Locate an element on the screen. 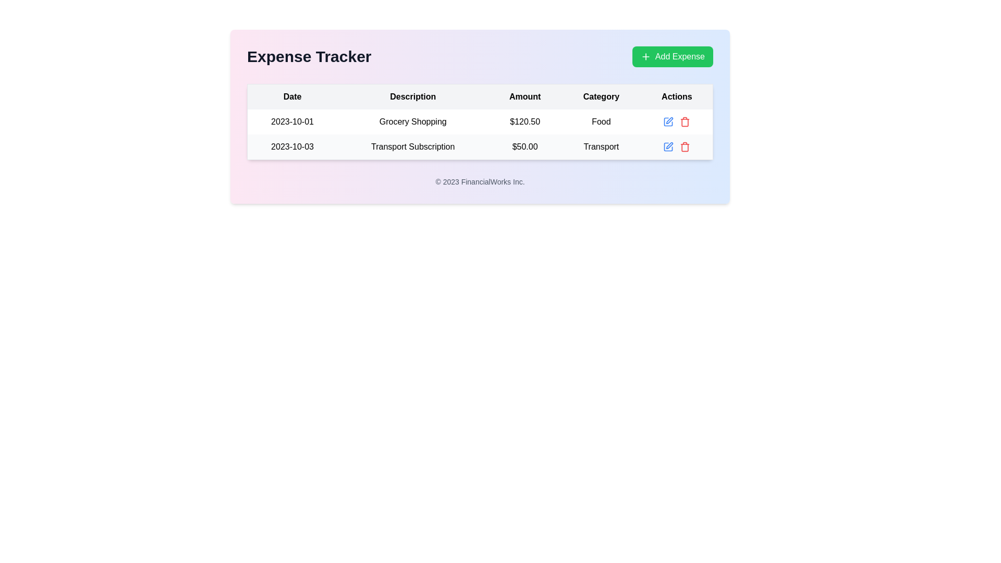  the first transaction row in the table, which includes the date '2023-10-01', description 'Grocery Shopping', amount '$120.50', and category 'Food' is located at coordinates (480, 134).